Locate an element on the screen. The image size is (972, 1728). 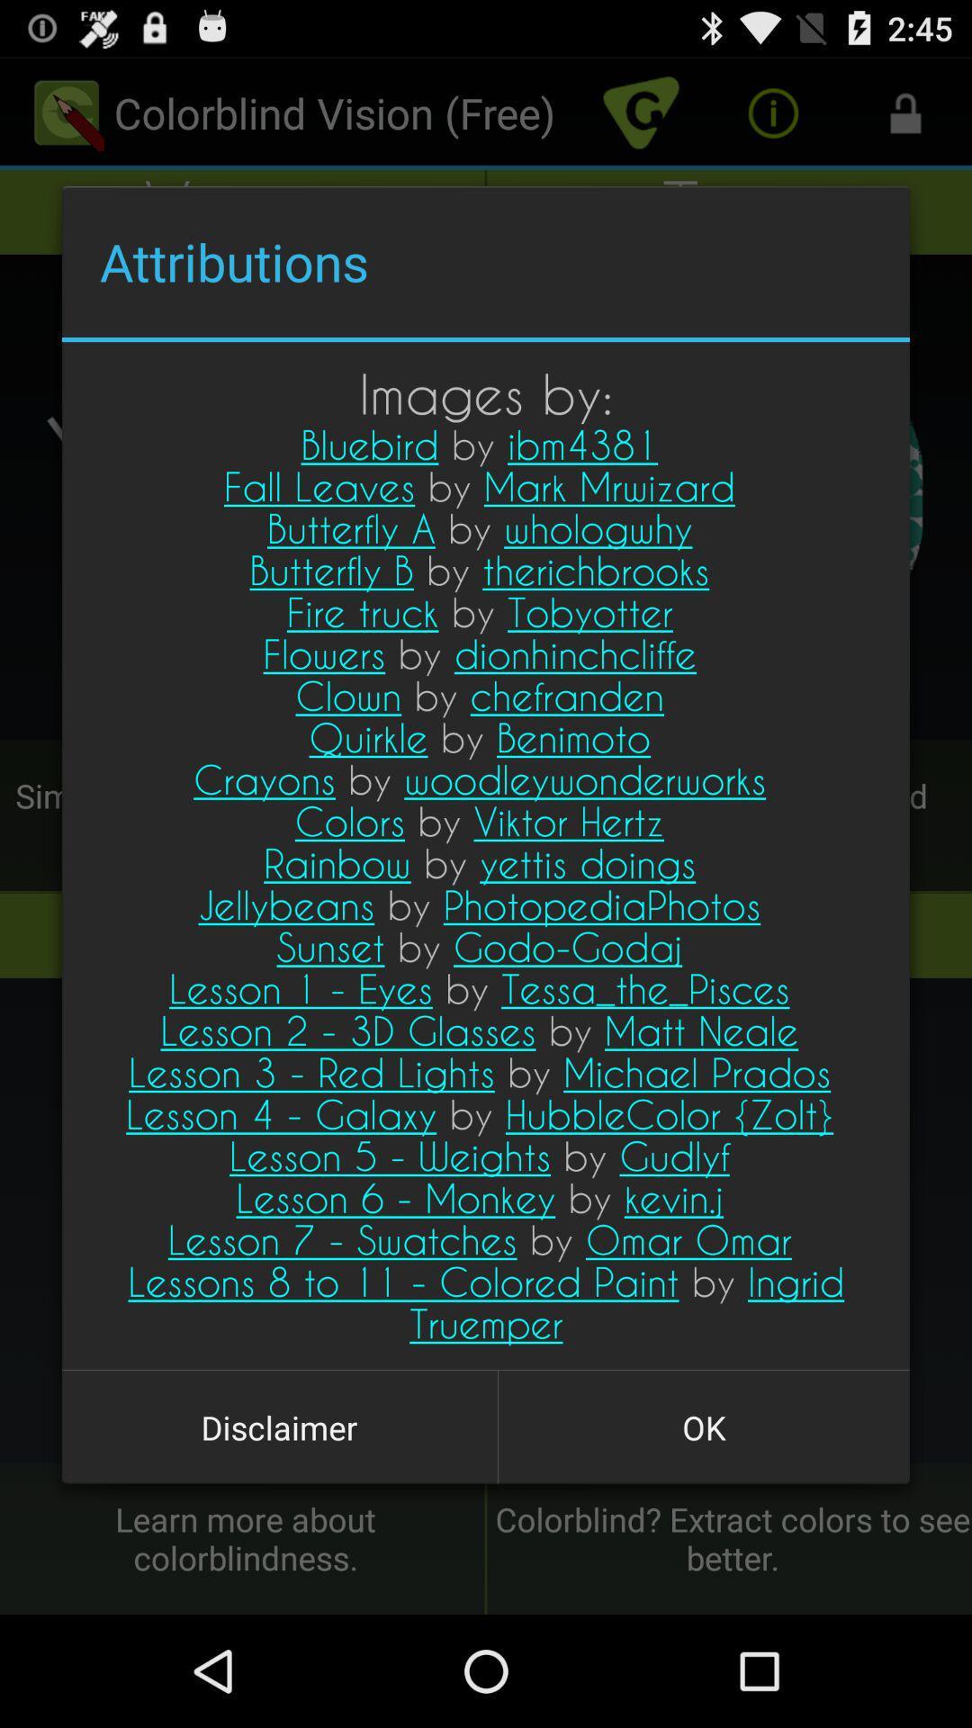
icon next to the ok item is located at coordinates (279, 1426).